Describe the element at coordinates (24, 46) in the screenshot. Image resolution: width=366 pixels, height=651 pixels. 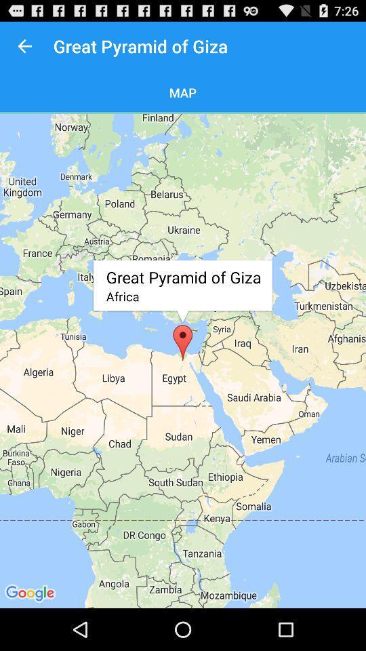
I see `the icon at the top left corner` at that location.